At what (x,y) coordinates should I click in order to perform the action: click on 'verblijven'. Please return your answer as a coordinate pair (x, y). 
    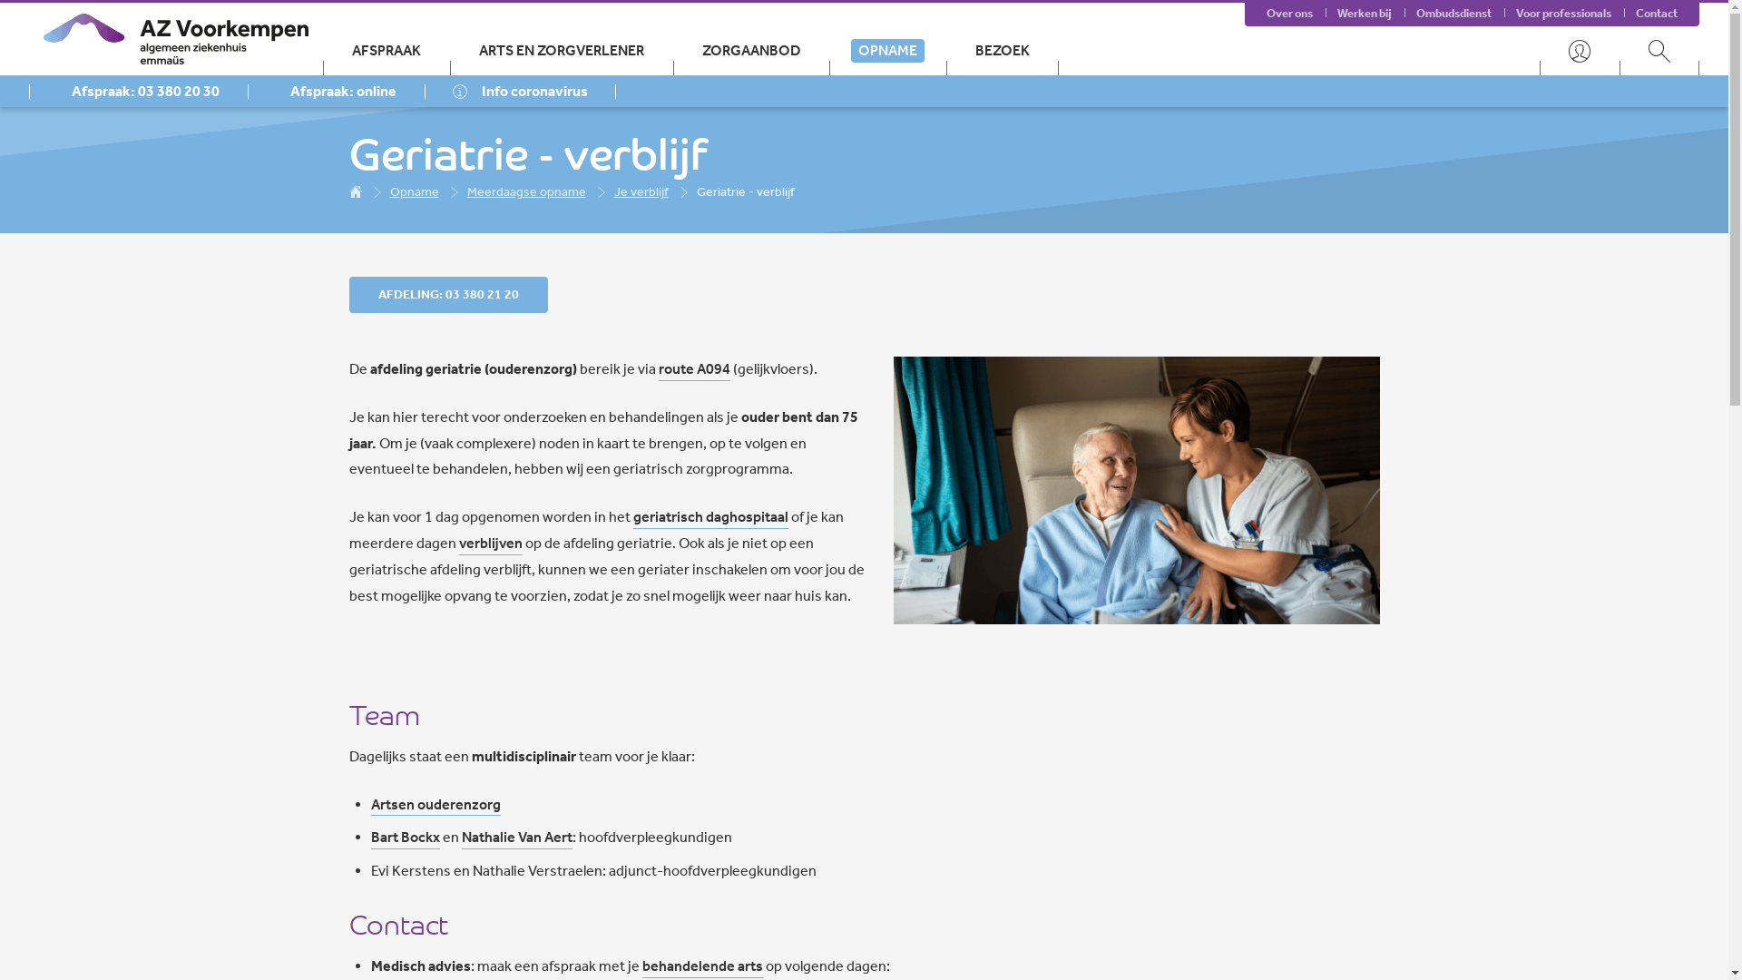
    Looking at the image, I should click on (491, 543).